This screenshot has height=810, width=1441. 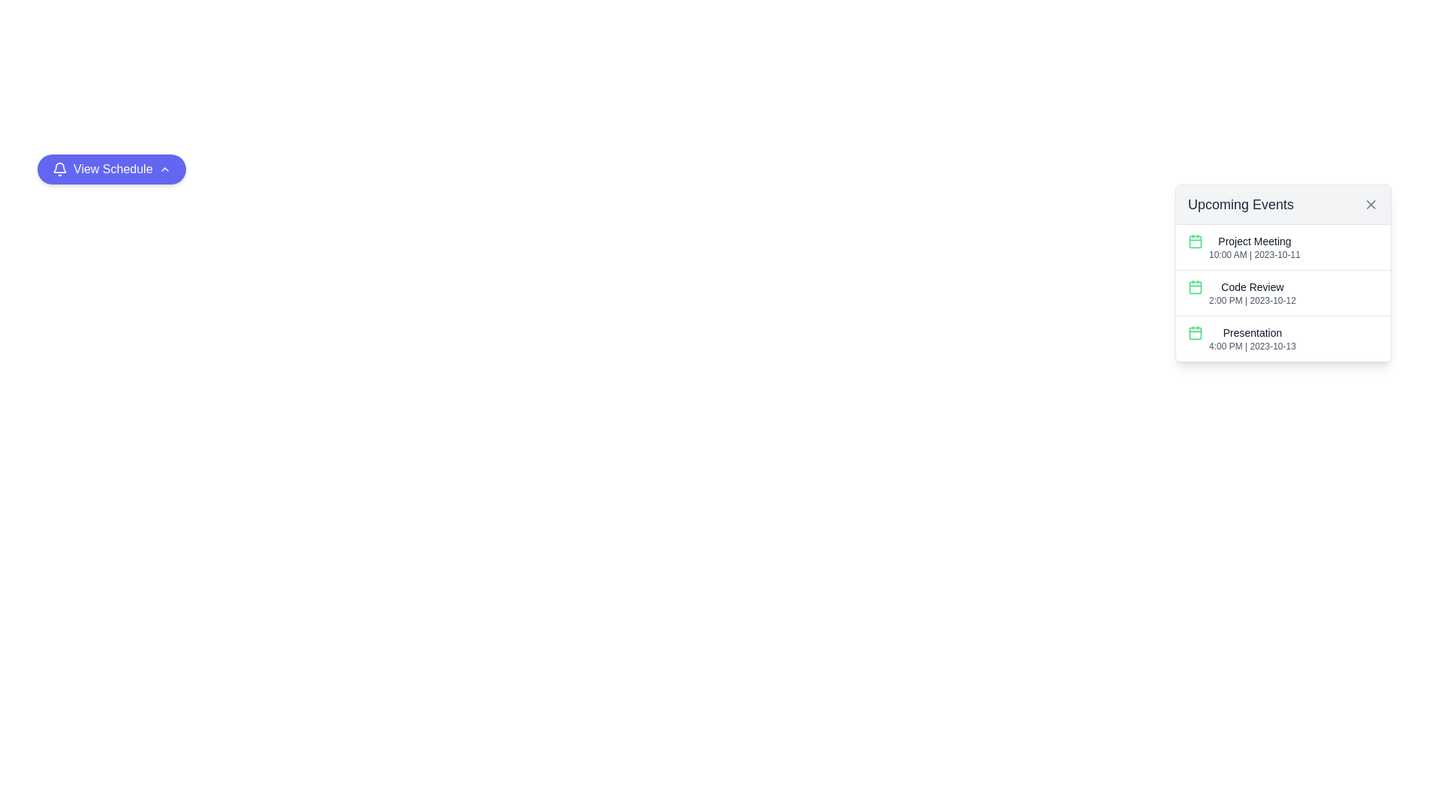 I want to click on the bell-shaped icon with a line art design on a blue background, located at the leftmost side of the 'View Schedule' button, so click(x=60, y=169).